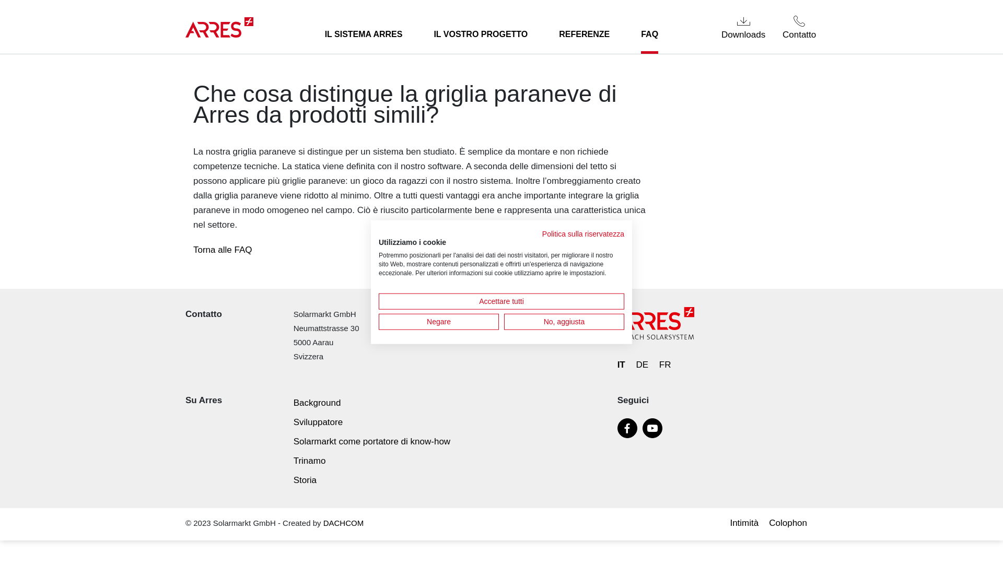  I want to click on 'Trinamo', so click(309, 460).